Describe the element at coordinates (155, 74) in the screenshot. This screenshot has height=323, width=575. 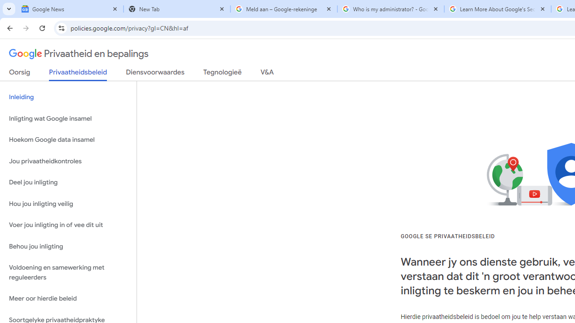
I see `'Diensvoorwaardes'` at that location.